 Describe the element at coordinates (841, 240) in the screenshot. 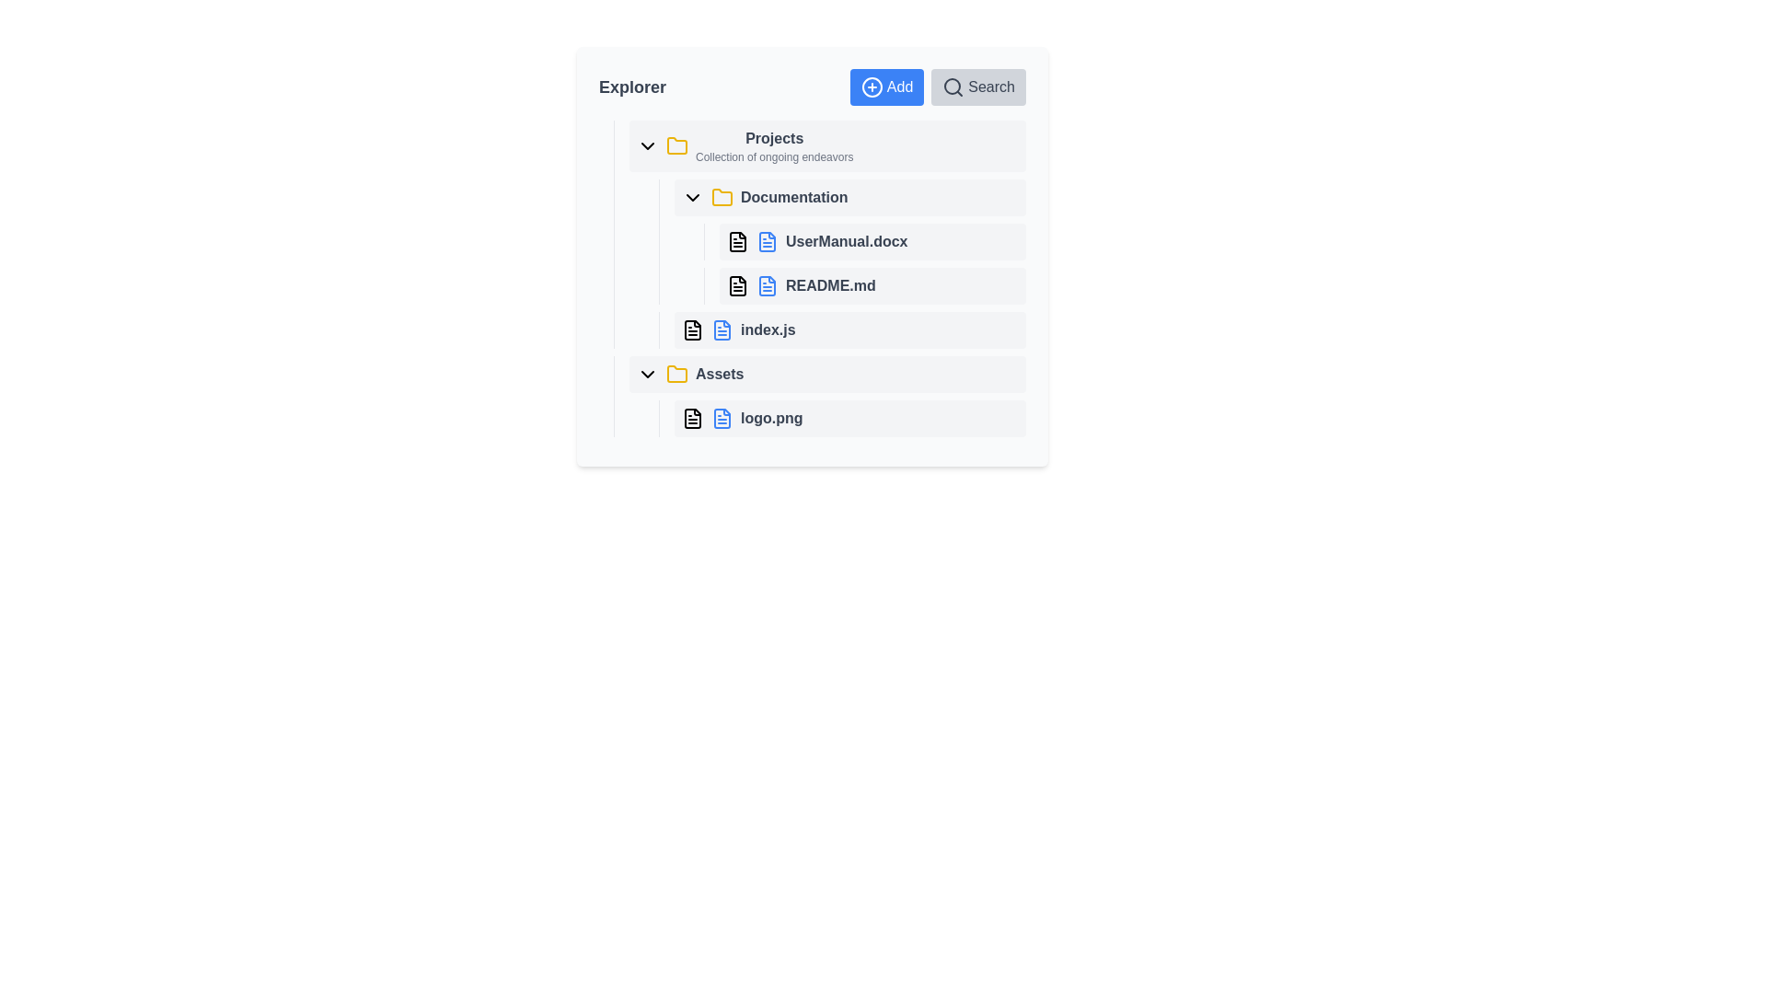

I see `the 'UserManual.docx' file entry, which is visually represented with a blue document icon and appears selected` at that location.